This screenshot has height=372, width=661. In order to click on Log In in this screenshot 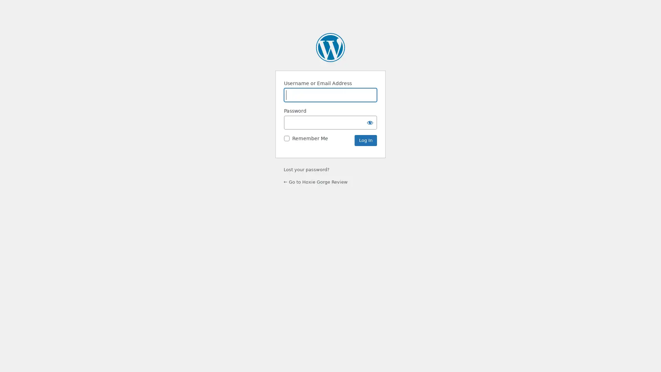, I will do `click(365, 140)`.